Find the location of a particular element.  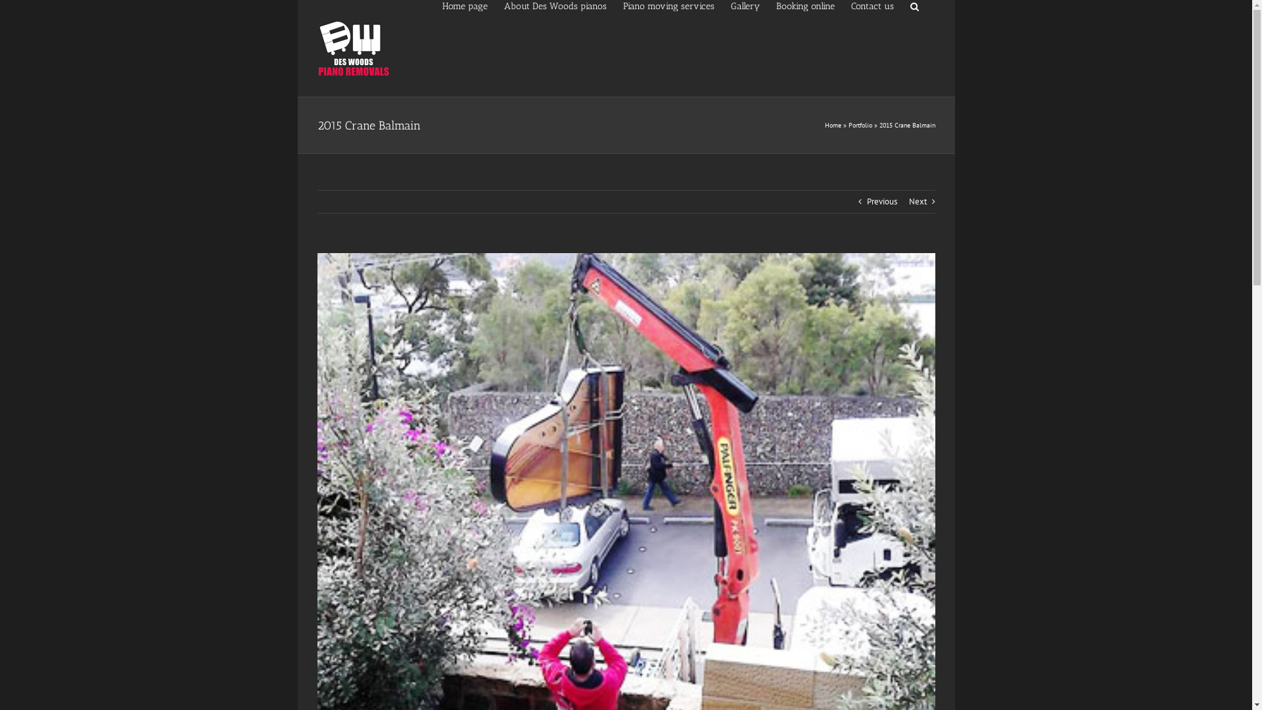

'Search' is located at coordinates (913, 5).